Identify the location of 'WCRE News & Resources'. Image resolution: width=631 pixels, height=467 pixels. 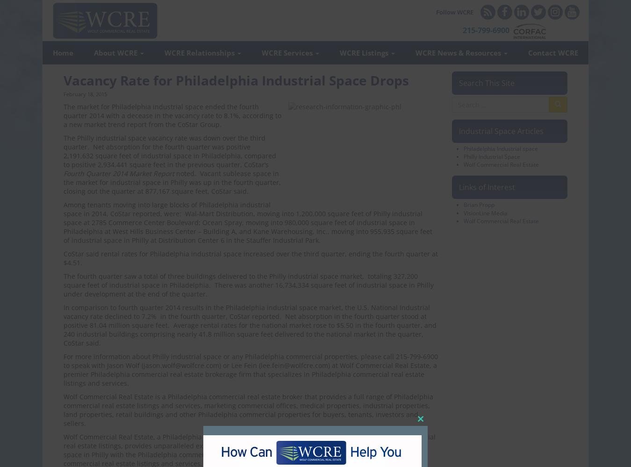
(459, 52).